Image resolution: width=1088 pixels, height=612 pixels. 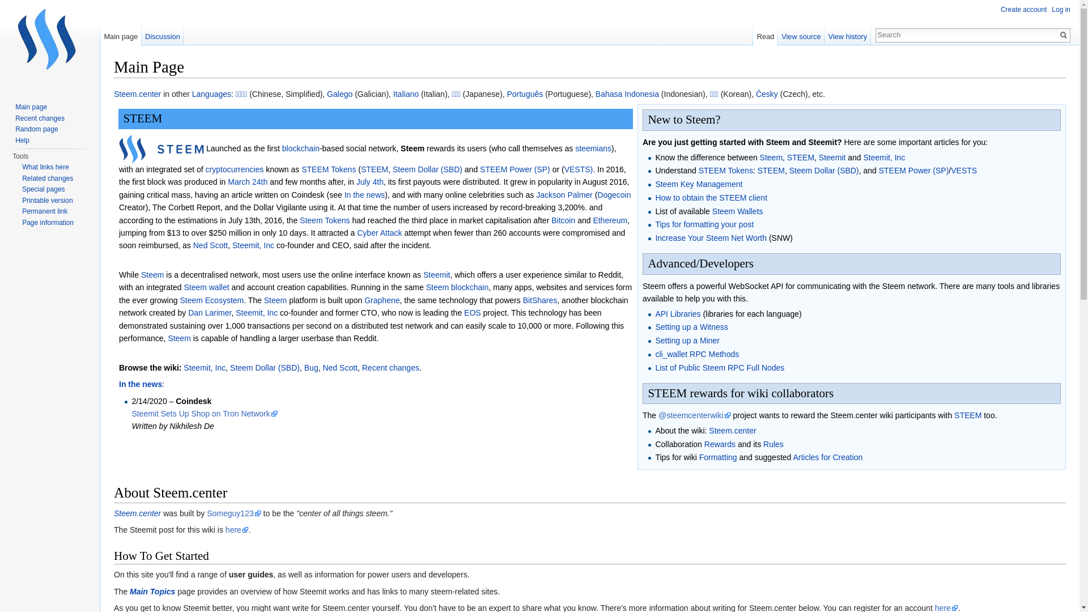 What do you see at coordinates (204, 367) in the screenshot?
I see `'Steemit, Inc'` at bounding box center [204, 367].